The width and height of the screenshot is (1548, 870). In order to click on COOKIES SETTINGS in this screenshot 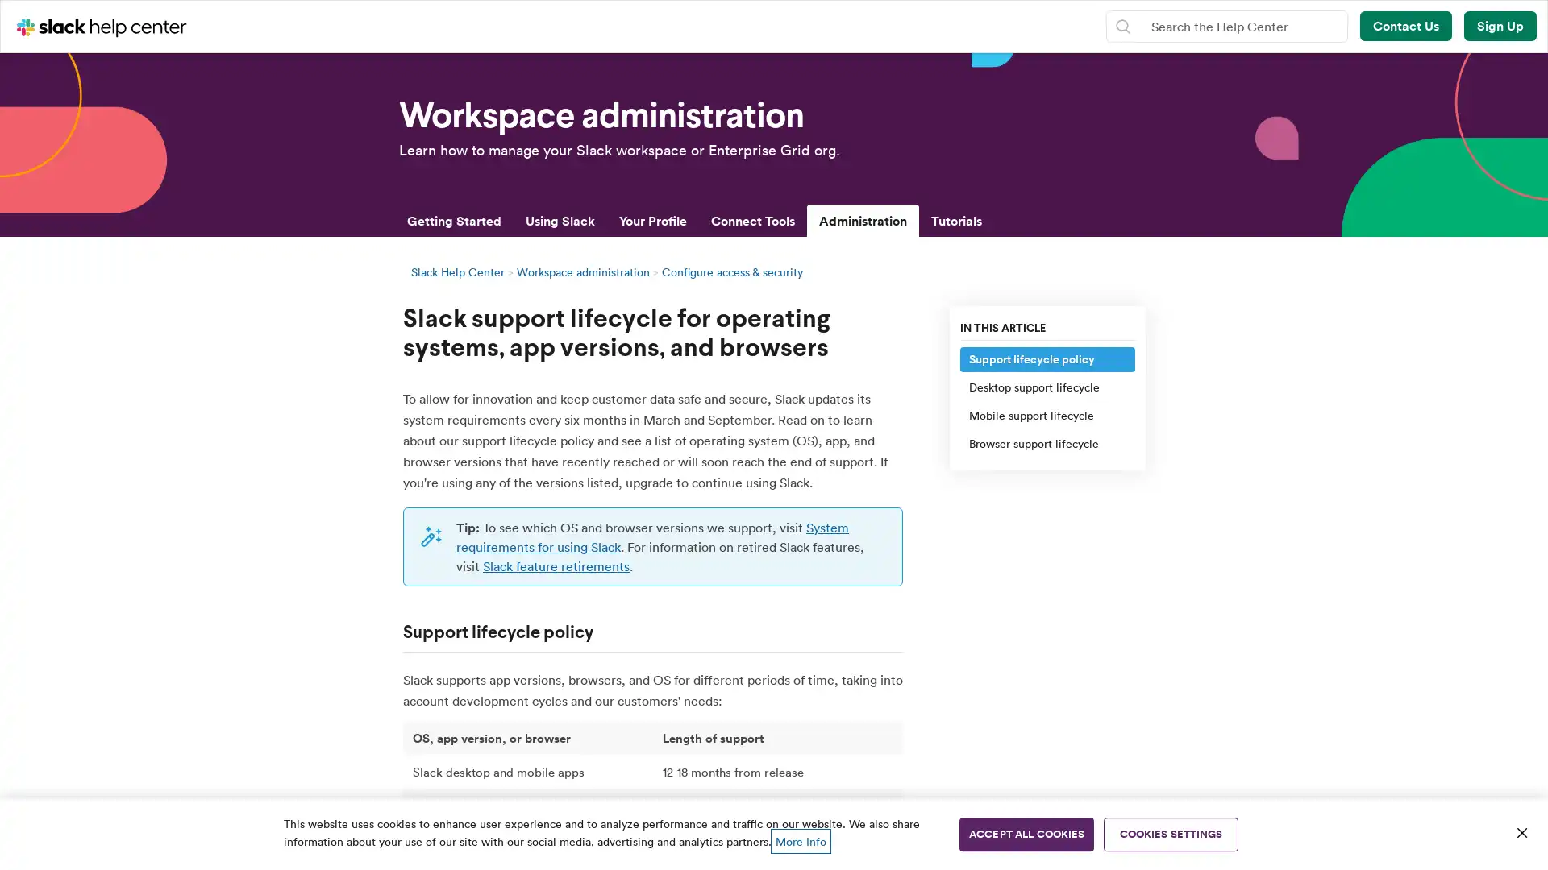, I will do `click(1171, 834)`.